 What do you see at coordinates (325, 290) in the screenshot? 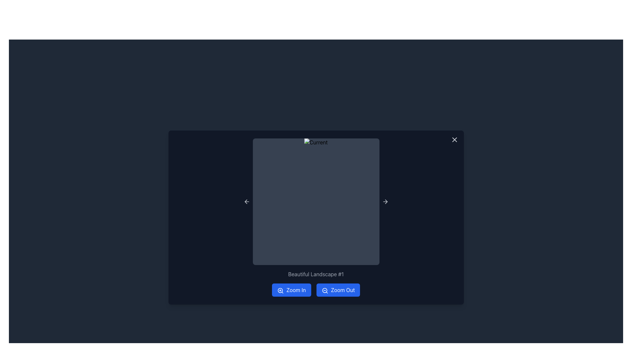
I see `the circular magnifying glass icon with a minus sign in the middle, which is styled with a blue circle and a white graphic` at bounding box center [325, 290].